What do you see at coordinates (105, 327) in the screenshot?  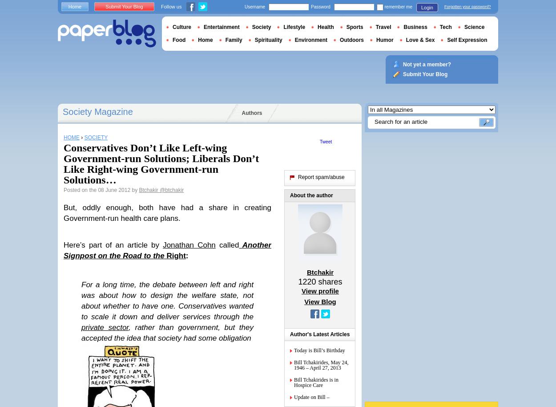 I see `'private sector'` at bounding box center [105, 327].